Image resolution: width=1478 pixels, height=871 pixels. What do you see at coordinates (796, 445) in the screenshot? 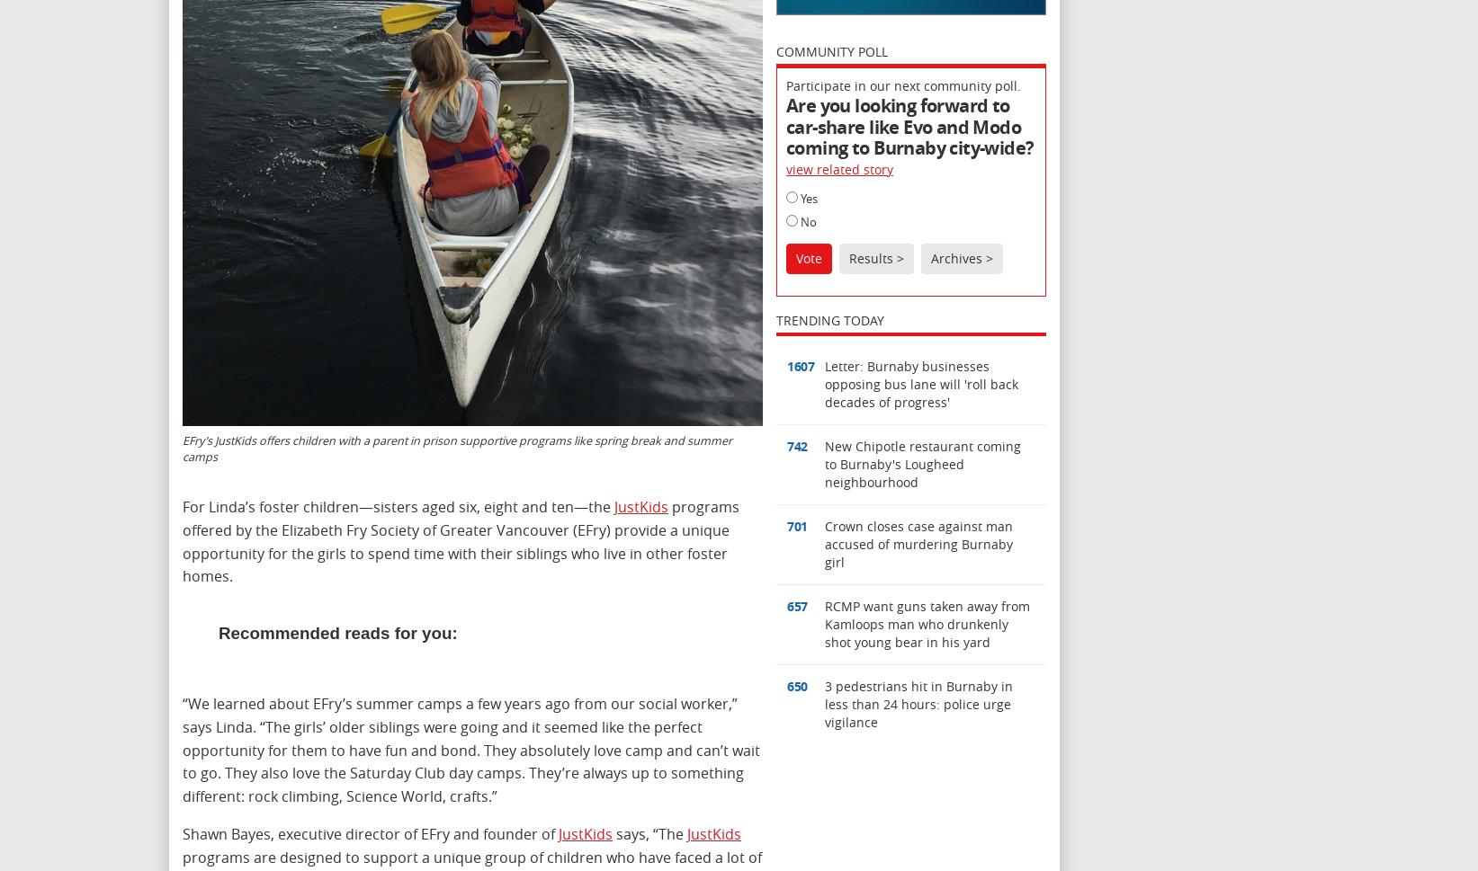
I see `'742'` at bounding box center [796, 445].